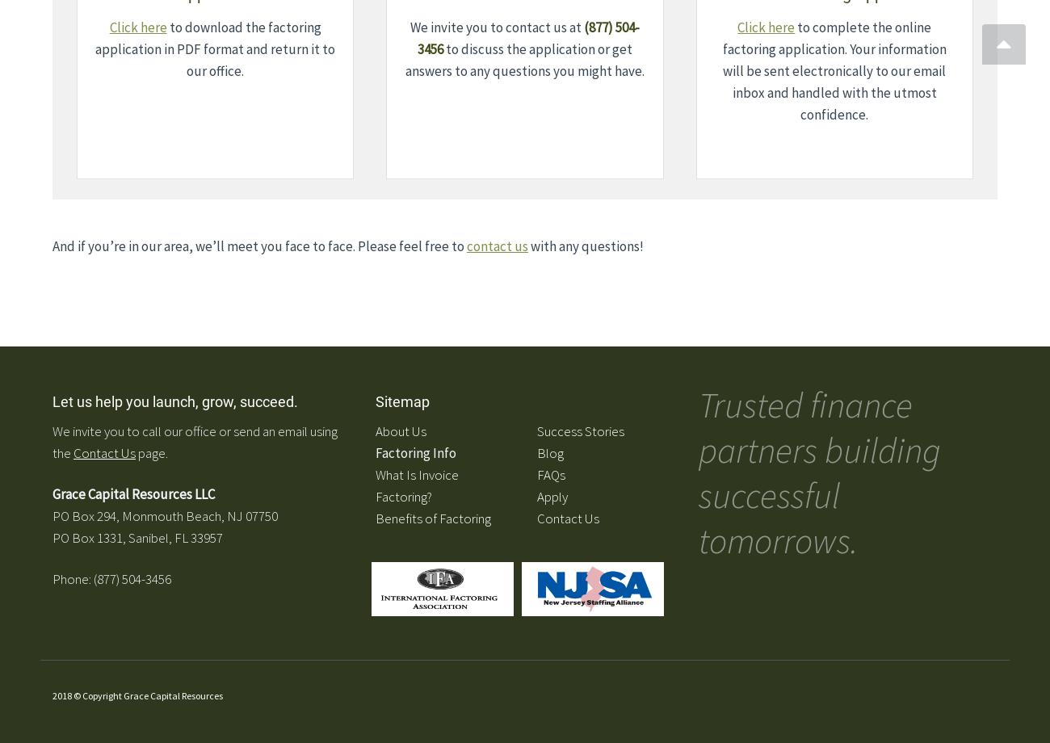 The width and height of the screenshot is (1050, 743). I want to click on 'Trusted finance partners building successful tomorrows.', so click(819, 472).